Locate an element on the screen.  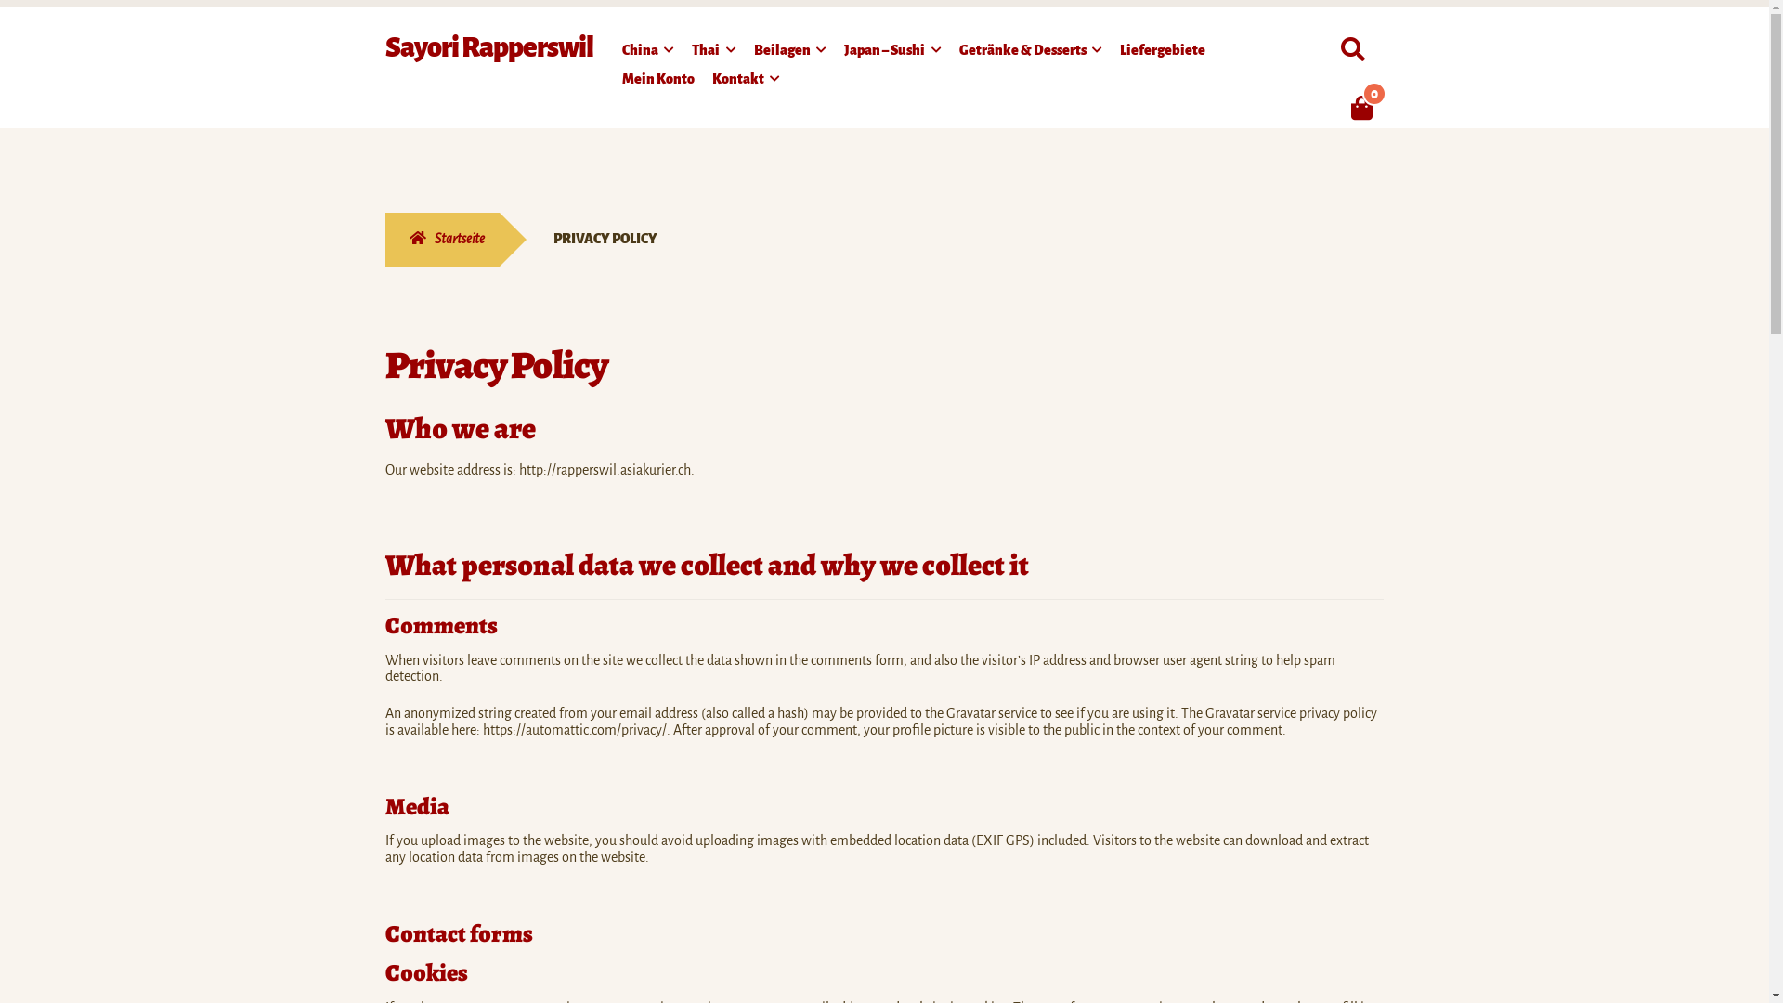
'Kontakt' is located at coordinates (746, 81).